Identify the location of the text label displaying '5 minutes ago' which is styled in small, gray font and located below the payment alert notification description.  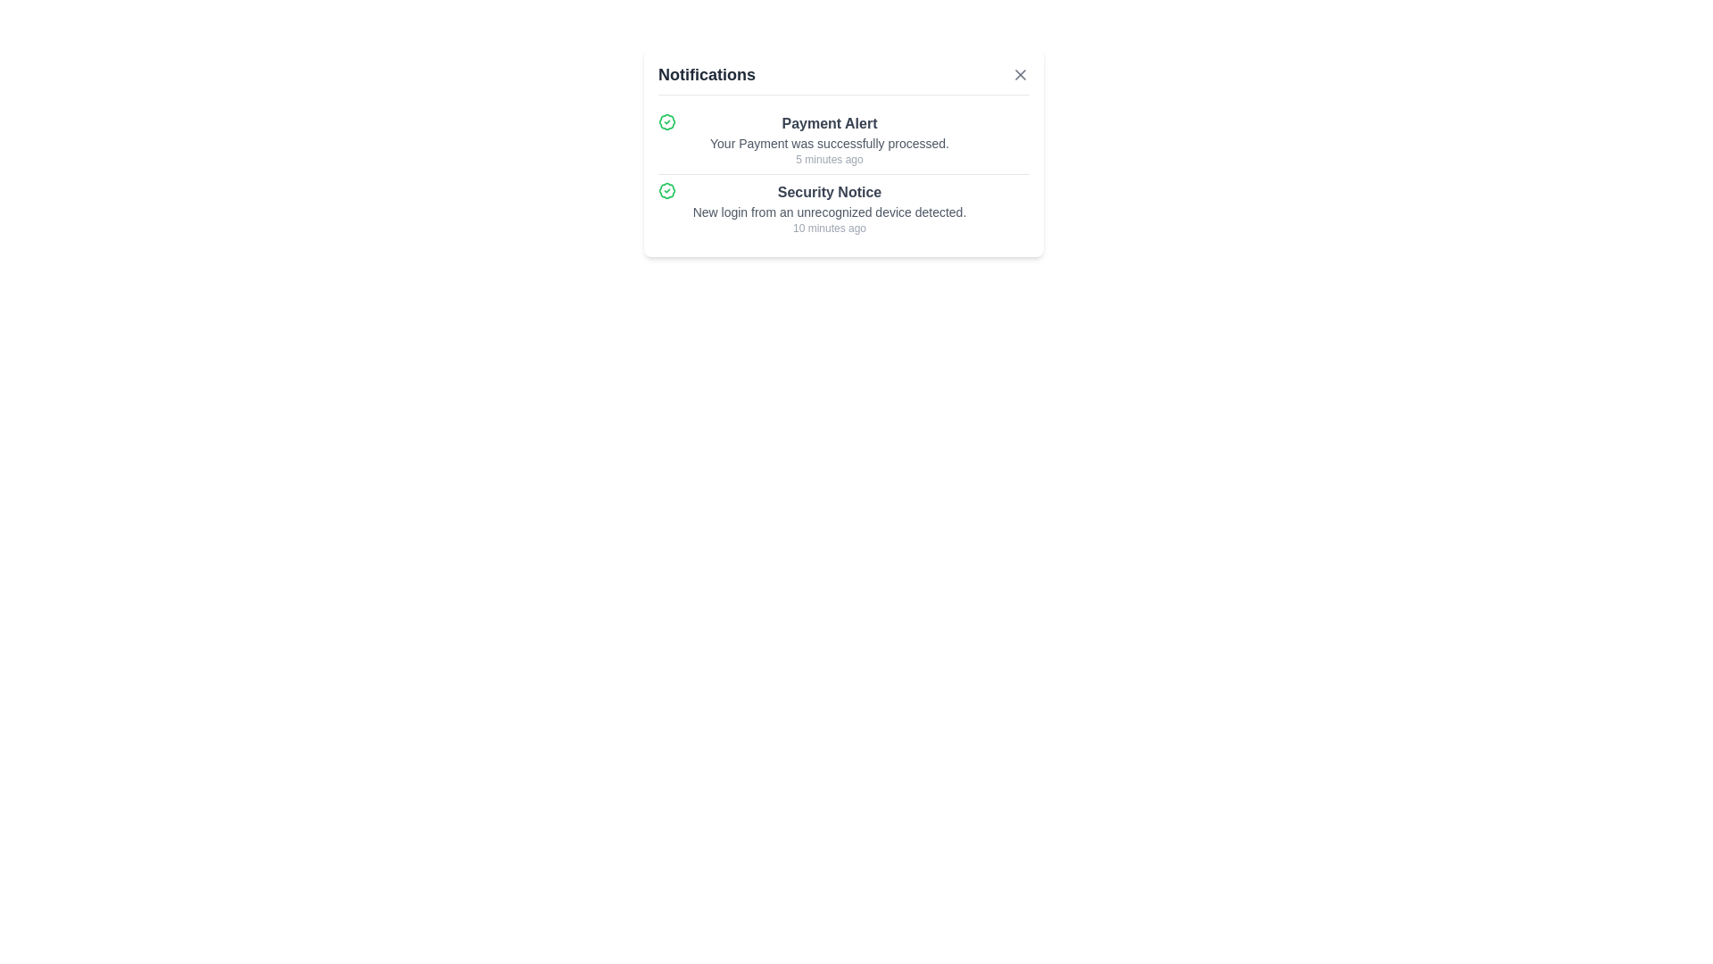
(829, 158).